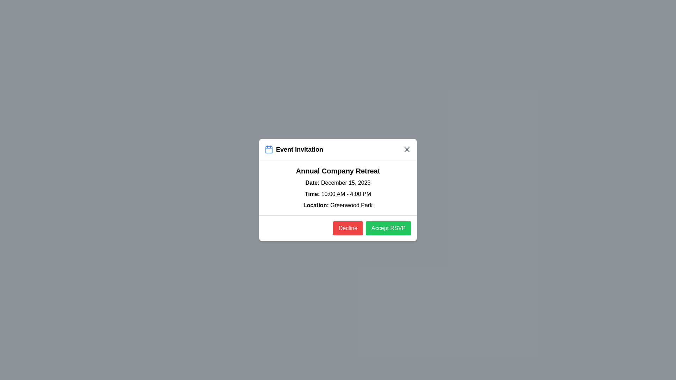 The image size is (676, 380). Describe the element at coordinates (316, 205) in the screenshot. I see `the text label 'Location:' which is styled in bold and positioned above the location description 'Greenwood Park' within the modal dialog box` at that location.